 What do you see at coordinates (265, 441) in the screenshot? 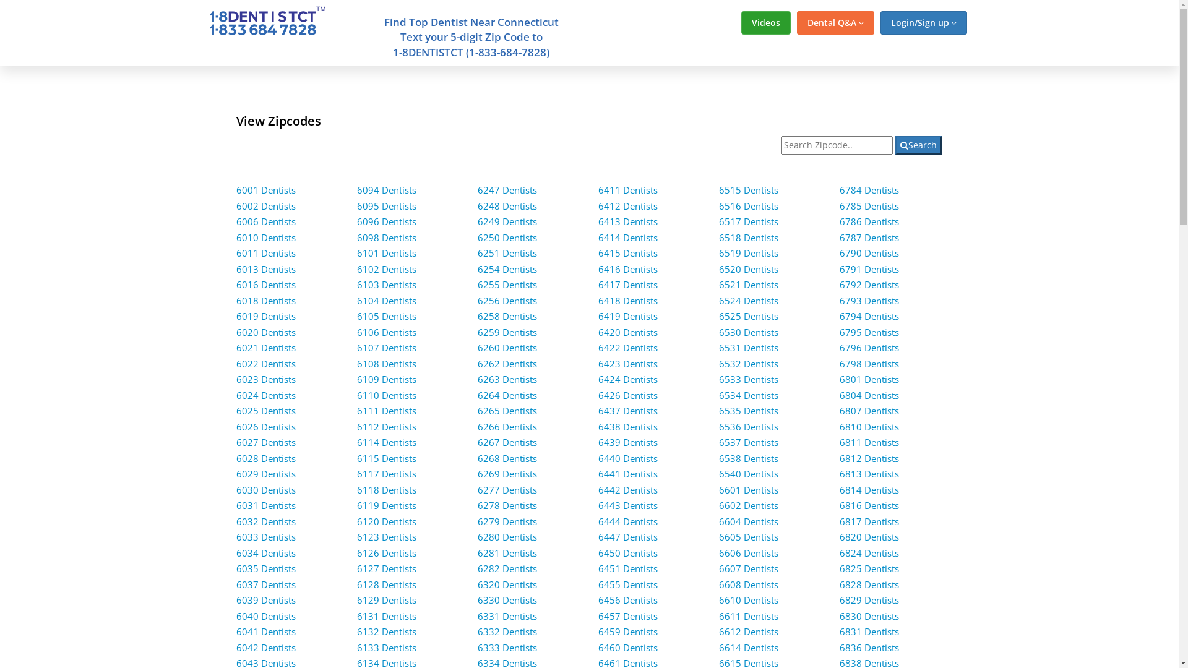
I see `'6027 Dentists'` at bounding box center [265, 441].